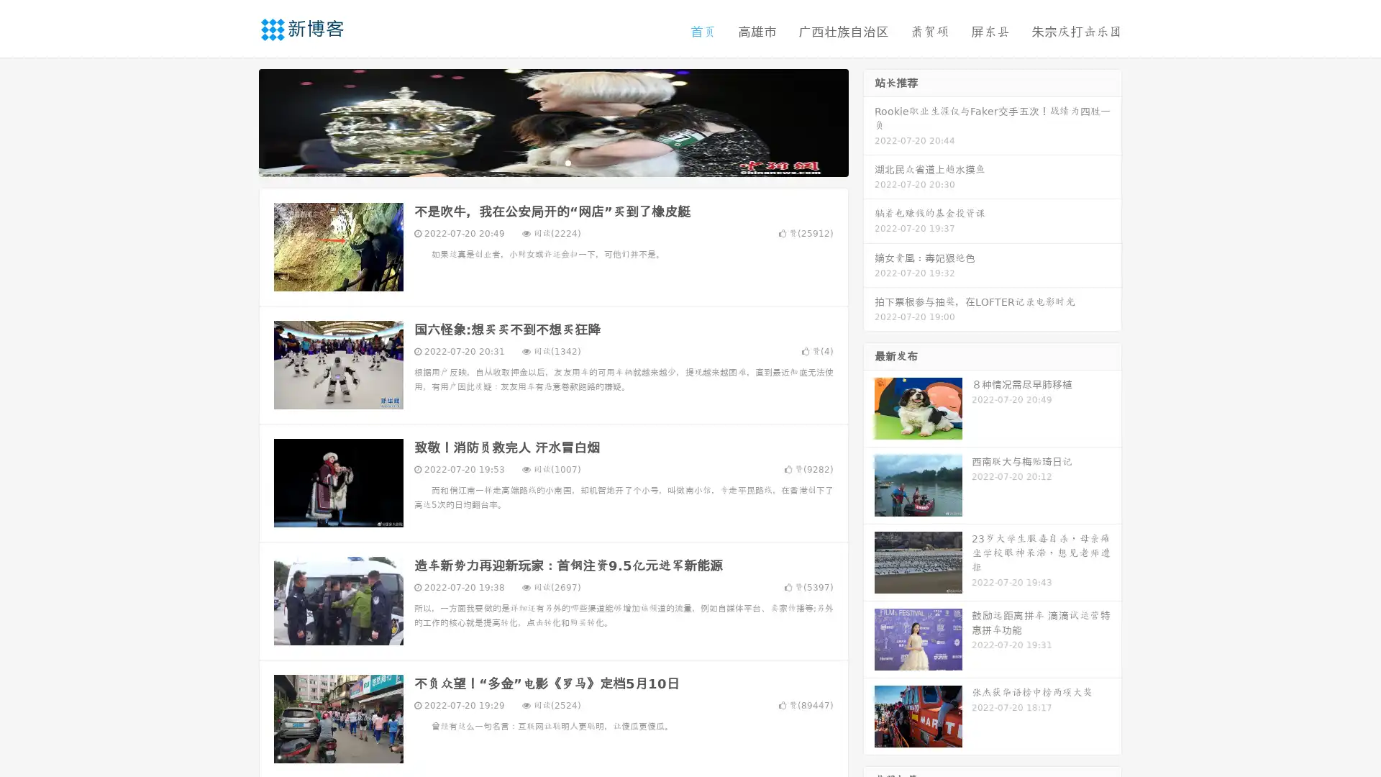  Describe the element at coordinates (538, 162) in the screenshot. I see `Go to slide 1` at that location.